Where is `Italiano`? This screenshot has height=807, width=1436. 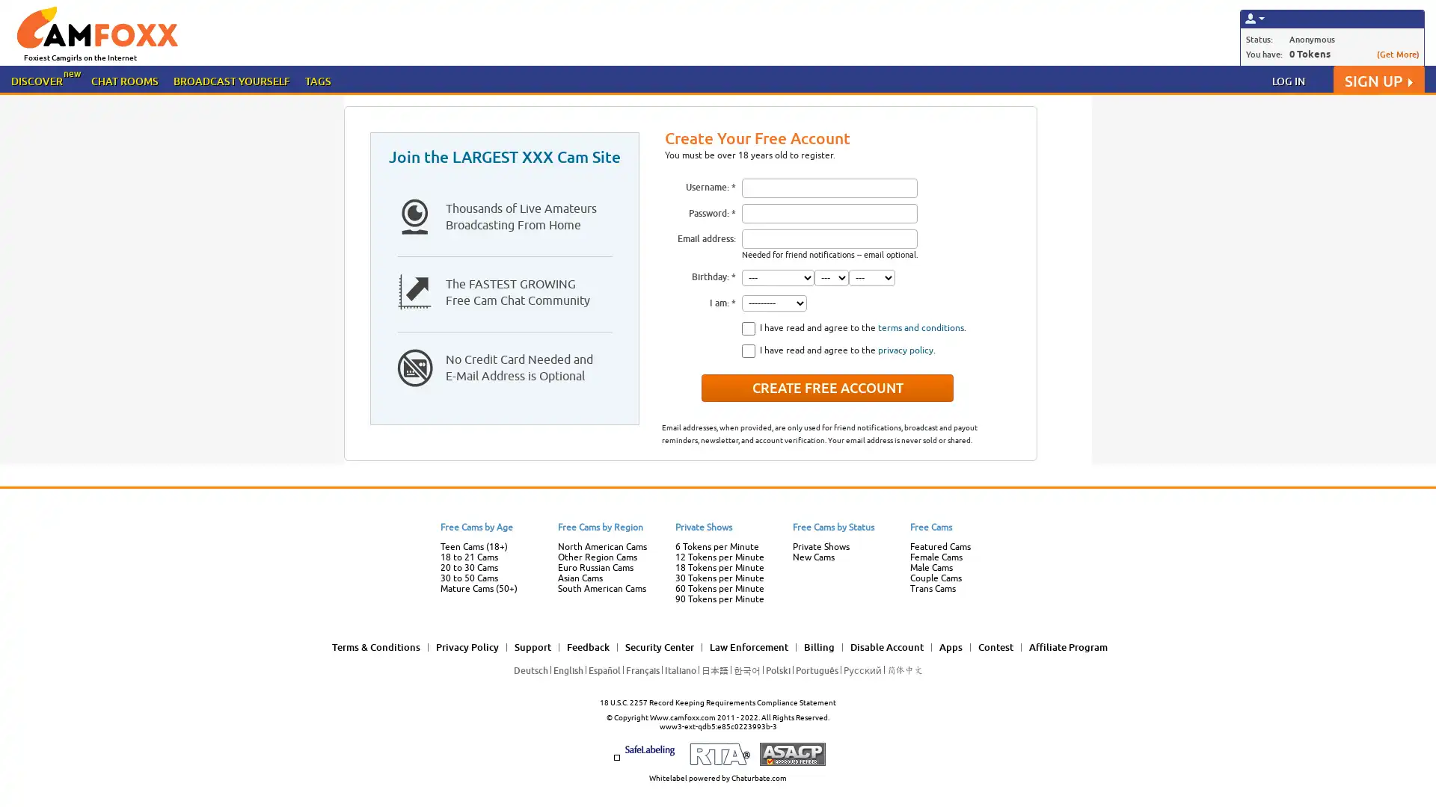 Italiano is located at coordinates (680, 670).